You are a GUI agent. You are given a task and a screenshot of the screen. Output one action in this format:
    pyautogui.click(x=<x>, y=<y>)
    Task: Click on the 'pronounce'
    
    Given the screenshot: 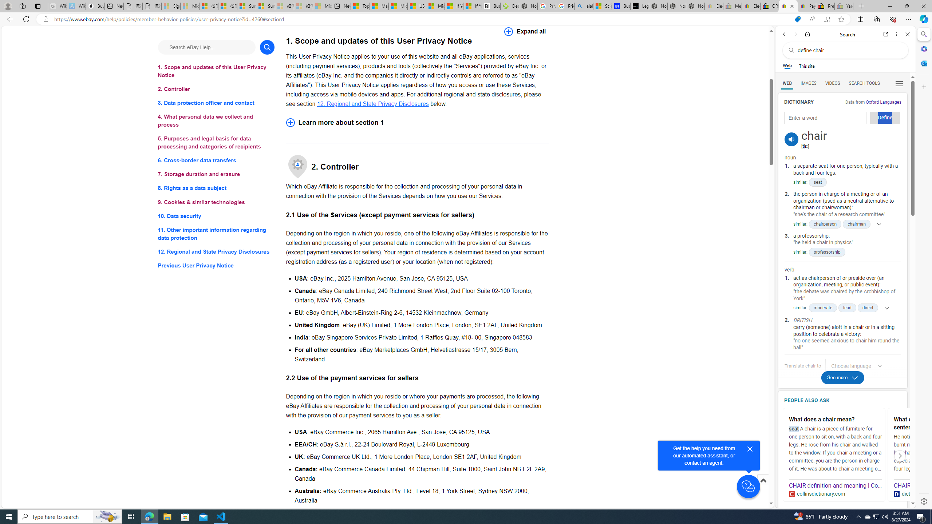 What is the action you would take?
    pyautogui.click(x=791, y=139)
    